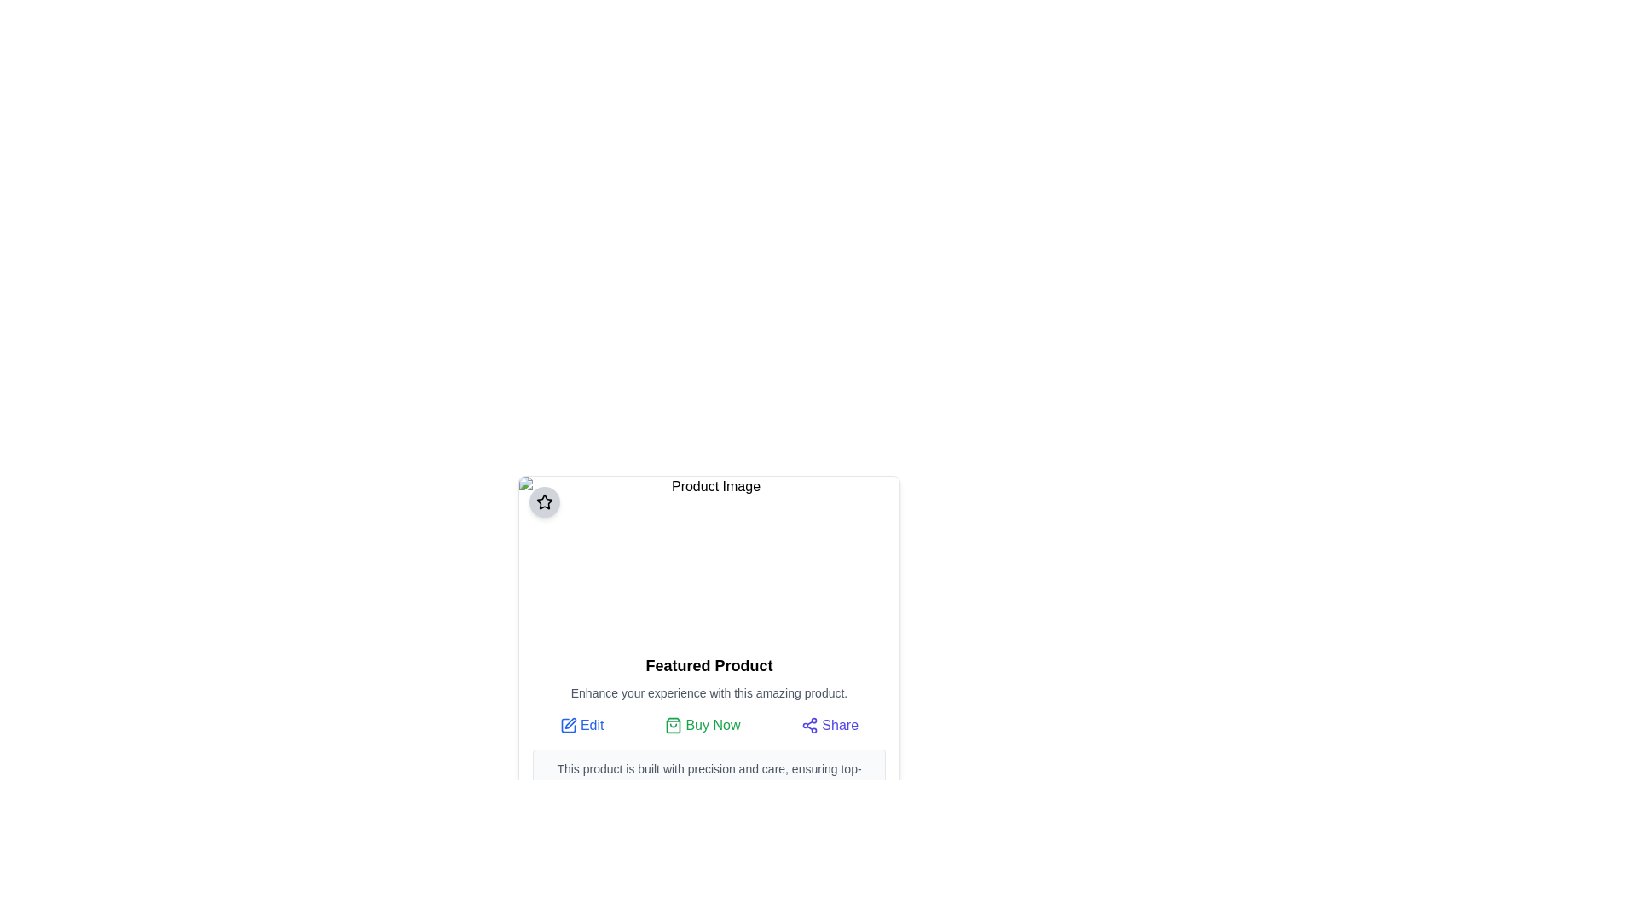  What do you see at coordinates (809, 726) in the screenshot?
I see `the 'Share' icon, which is represented by three interconnected circles forming a triangular pattern, located at the bottom-right corner of the product card` at bounding box center [809, 726].